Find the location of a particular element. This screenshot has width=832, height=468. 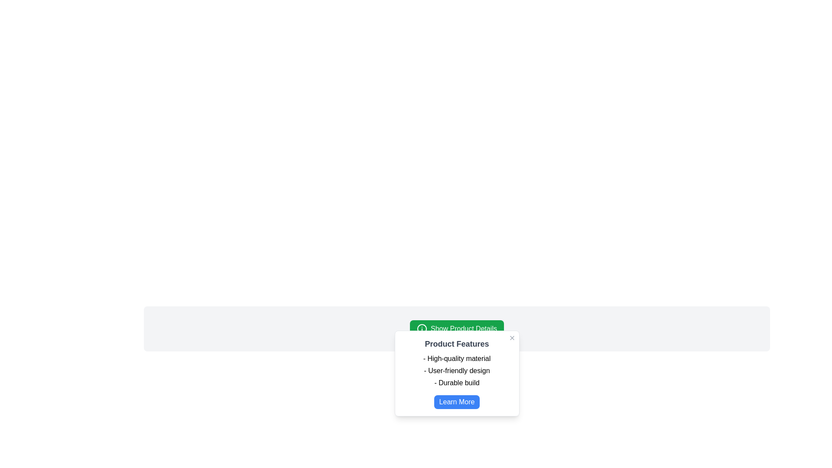

the text label that describes a product's user-friendly design, located as the second item in a list of three bullet points inside a white popup window under 'Product Features' is located at coordinates (456, 370).